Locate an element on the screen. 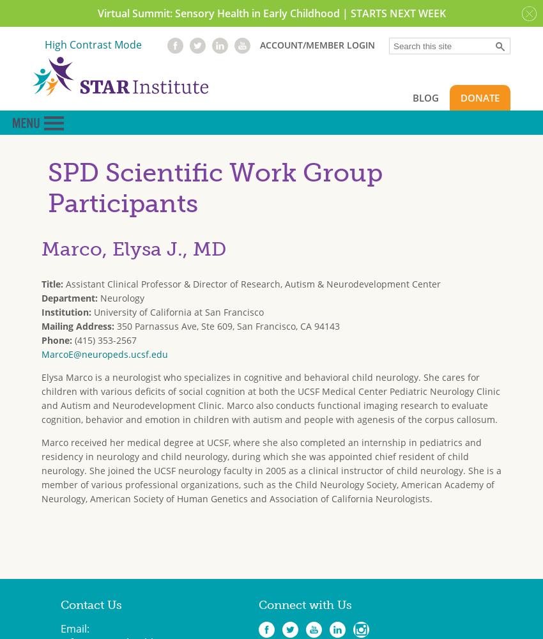  'Phone:' is located at coordinates (42, 339).